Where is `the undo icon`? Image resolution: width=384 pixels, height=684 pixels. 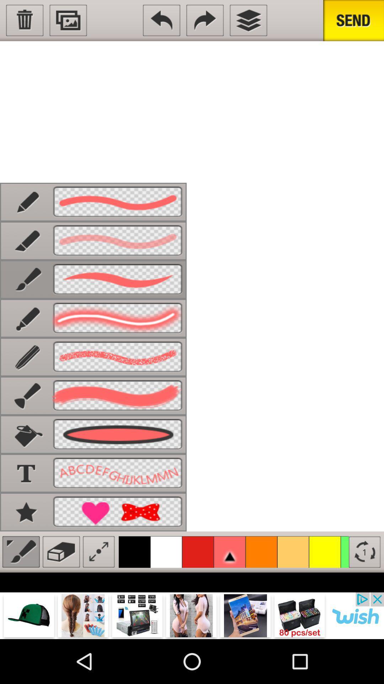
the undo icon is located at coordinates (161, 20).